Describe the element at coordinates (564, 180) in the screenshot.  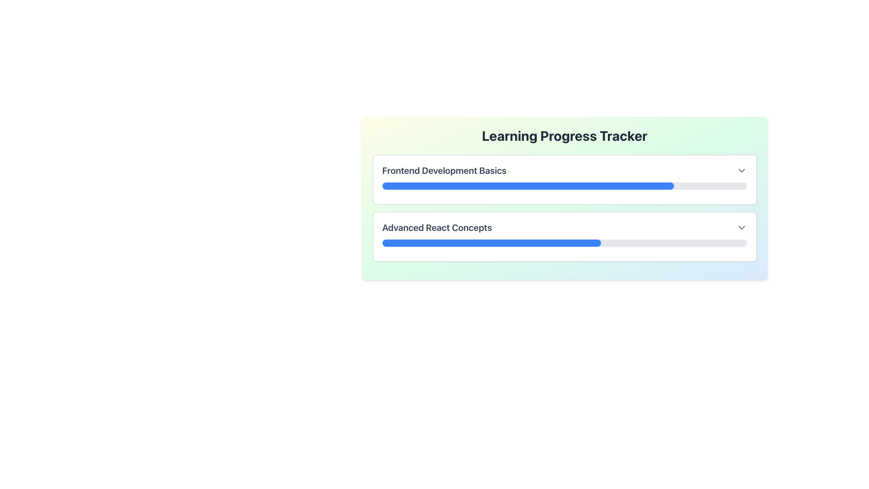
I see `the title of the progress tracker for 'Frontend Development Basics'` at that location.